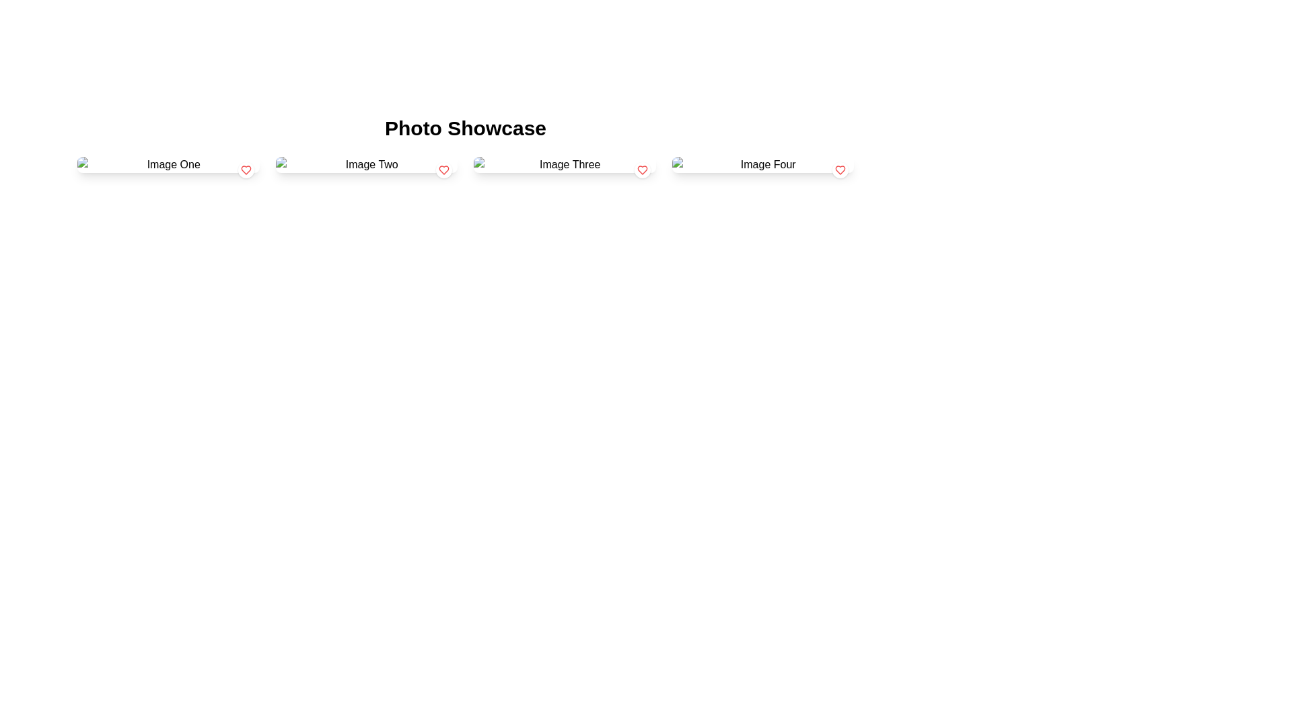  Describe the element at coordinates (366, 164) in the screenshot. I see `the interactive card representing 'Image Two' in the 'Photo Showcase' grid` at that location.